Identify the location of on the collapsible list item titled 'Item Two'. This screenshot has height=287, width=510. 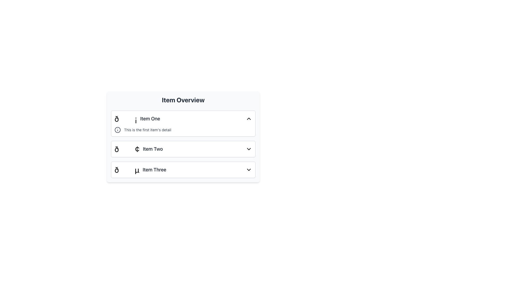
(183, 144).